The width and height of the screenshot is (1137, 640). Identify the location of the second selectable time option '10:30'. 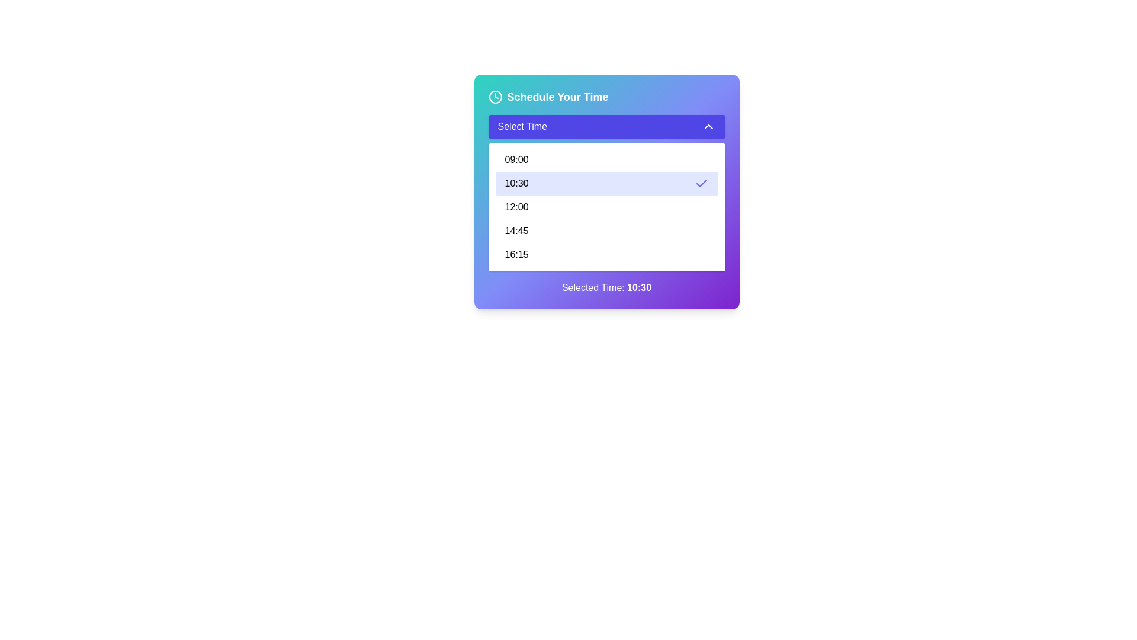
(516, 183).